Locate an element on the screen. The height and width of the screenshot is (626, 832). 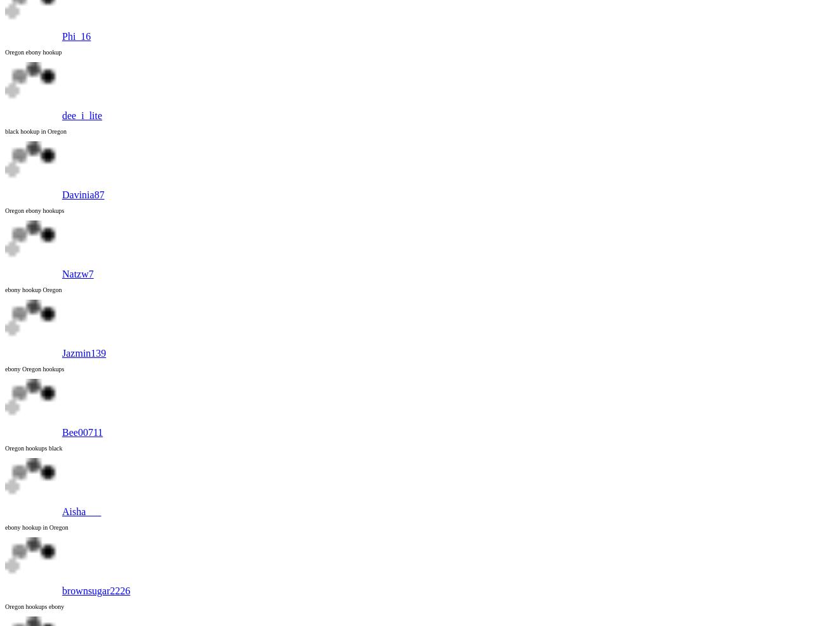
'Davinia87' is located at coordinates (82, 194).